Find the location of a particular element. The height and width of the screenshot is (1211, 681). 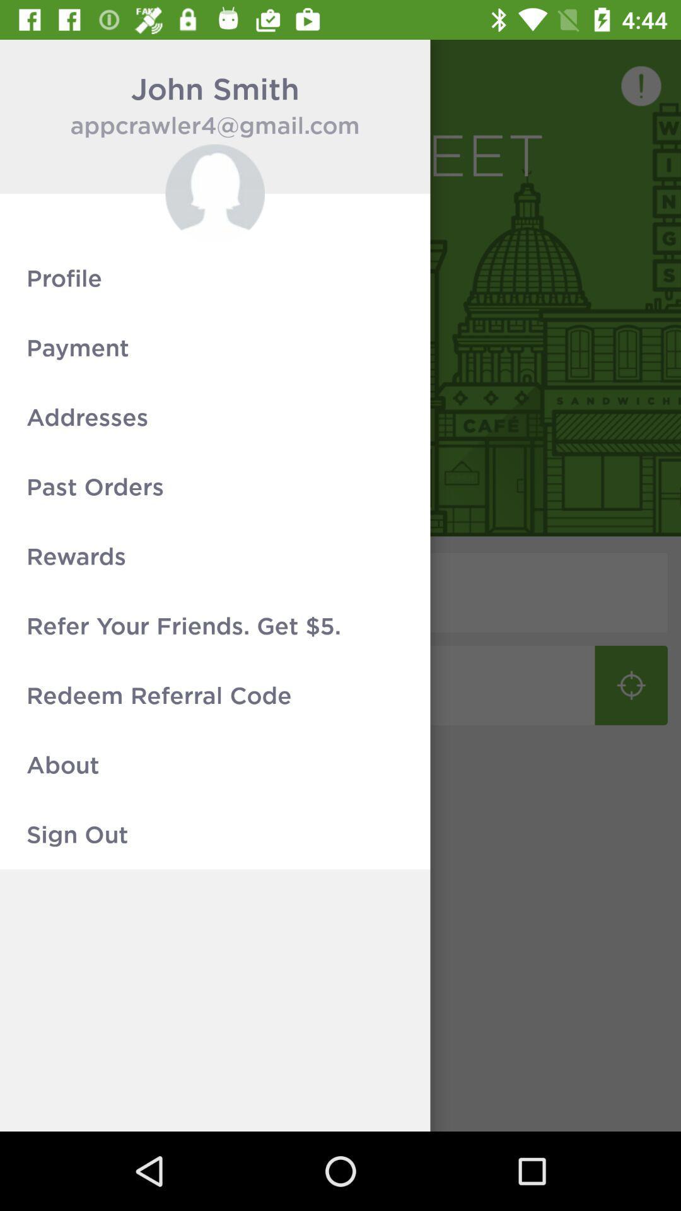

the location_crosshair icon is located at coordinates (631, 684).